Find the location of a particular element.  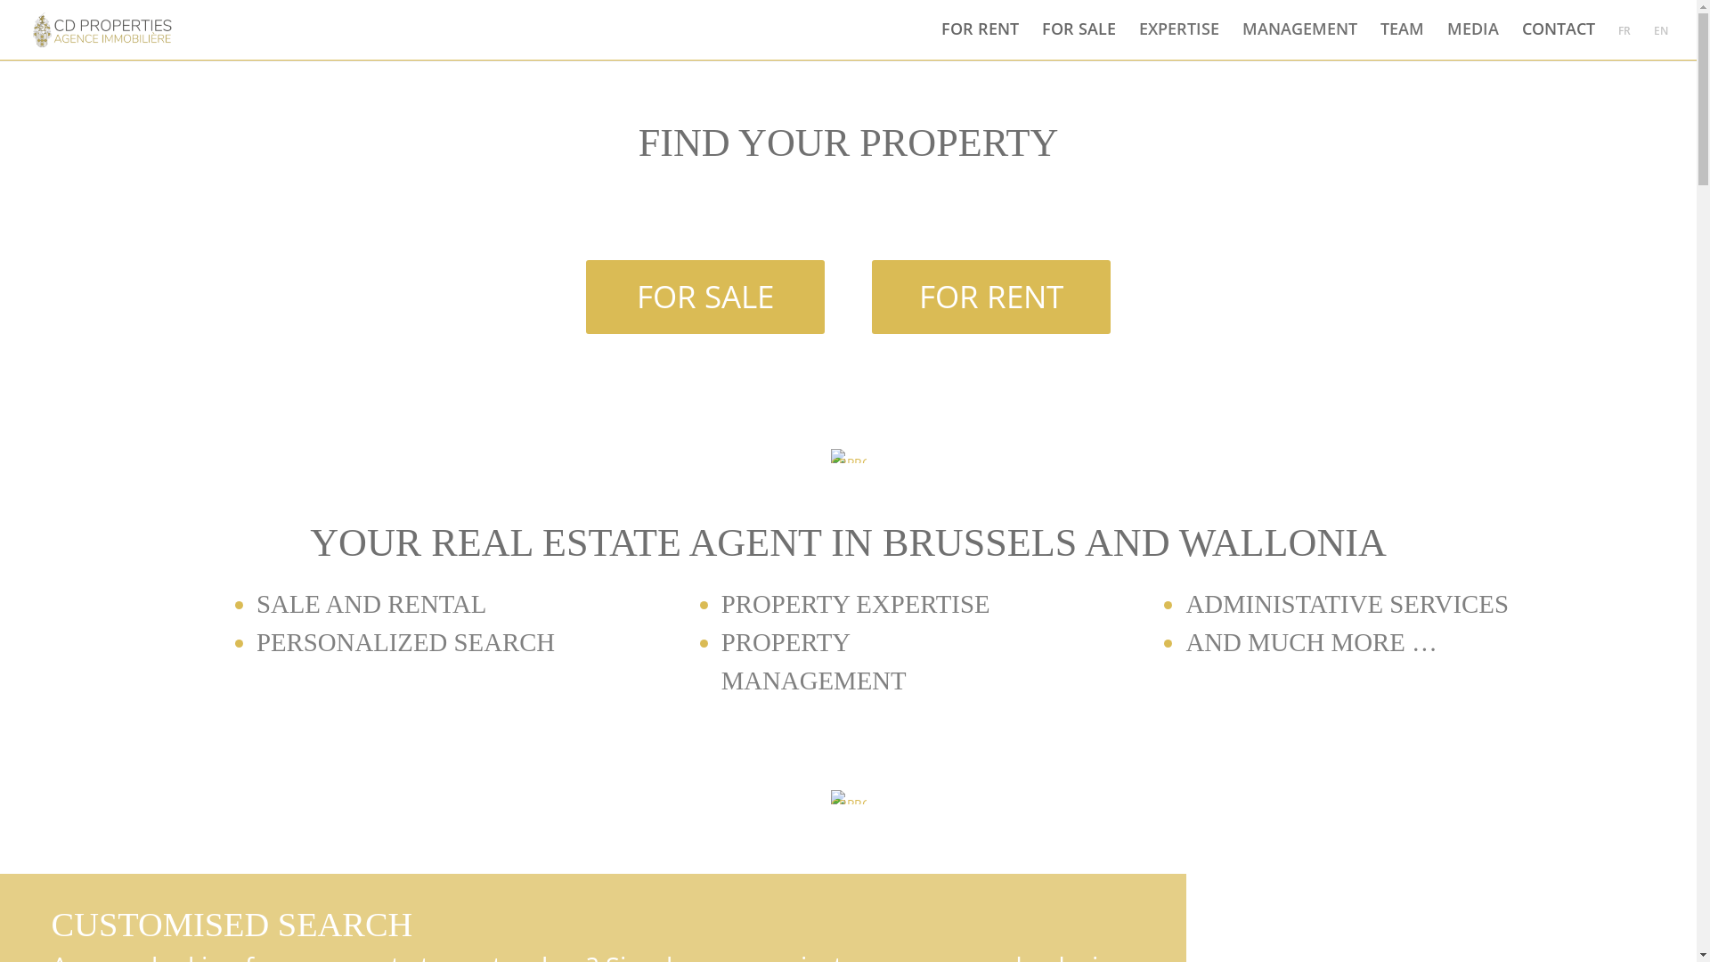

'CDPROPERTIES_IMMOBILIER_next-01-01-01' is located at coordinates (846, 455).